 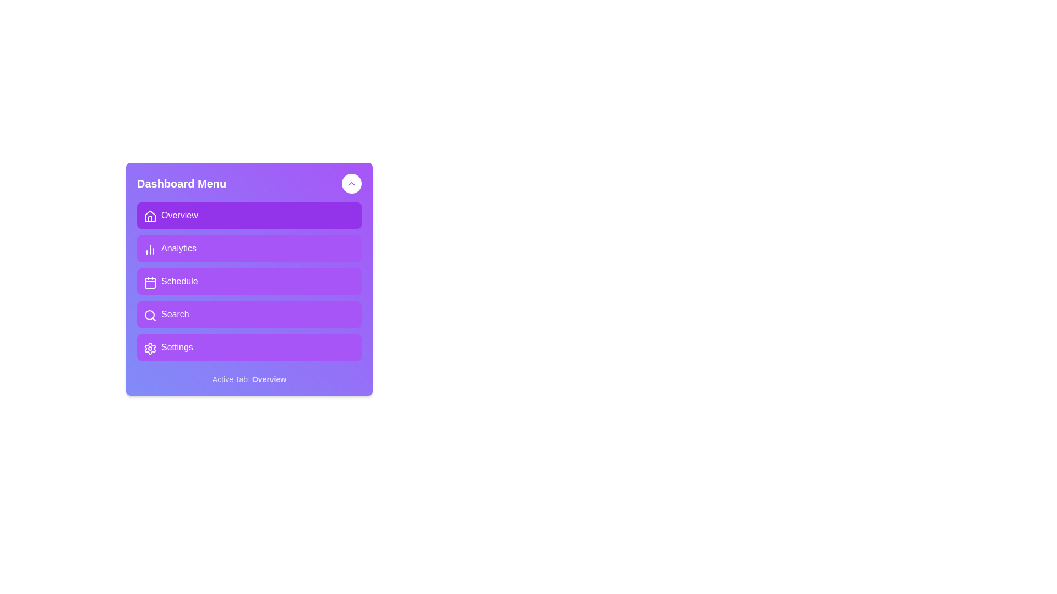 What do you see at coordinates (269, 379) in the screenshot?
I see `the 'Overview' text label that indicates the currently active tab in the purple menu panel` at bounding box center [269, 379].